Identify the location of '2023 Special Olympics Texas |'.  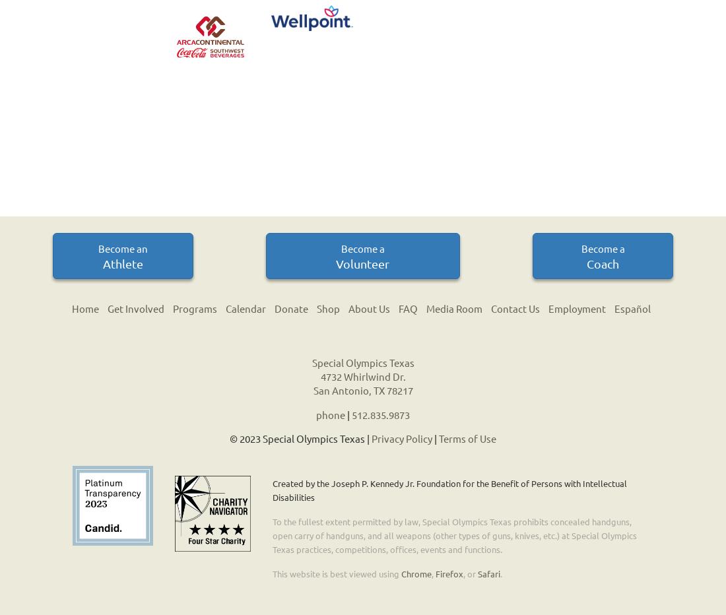
(304, 438).